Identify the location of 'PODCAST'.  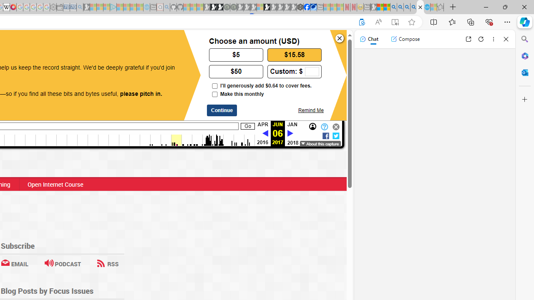
(62, 264).